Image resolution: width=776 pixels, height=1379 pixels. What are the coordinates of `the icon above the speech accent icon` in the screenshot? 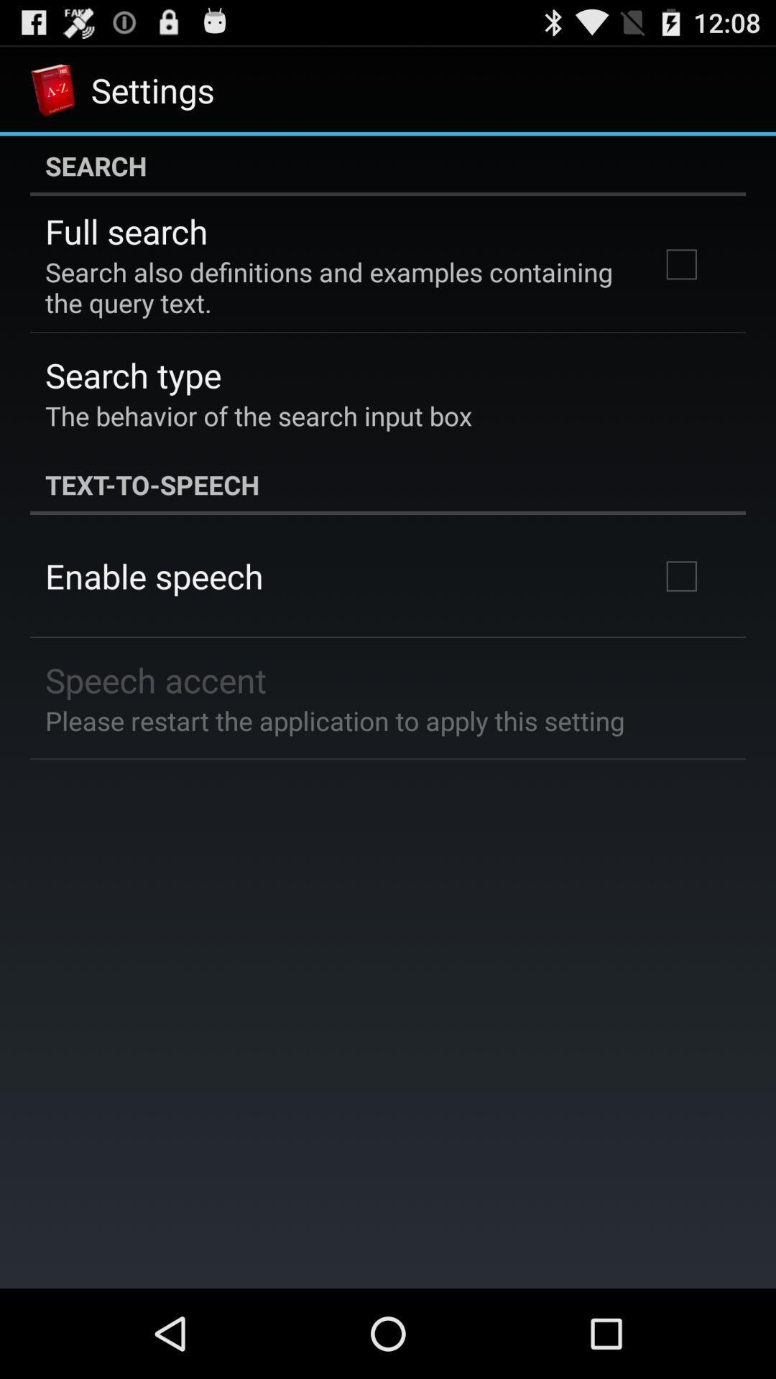 It's located at (154, 576).